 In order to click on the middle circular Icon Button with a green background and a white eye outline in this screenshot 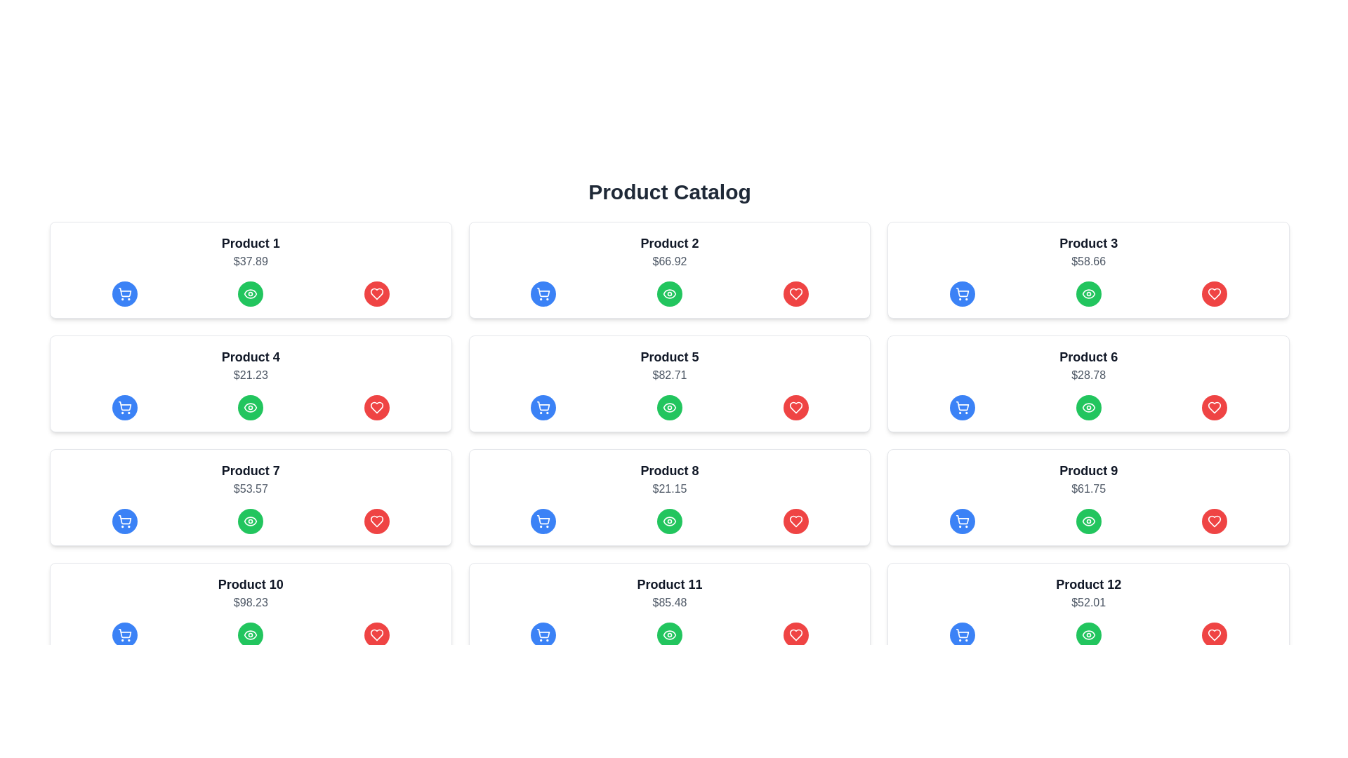, I will do `click(1088, 521)`.